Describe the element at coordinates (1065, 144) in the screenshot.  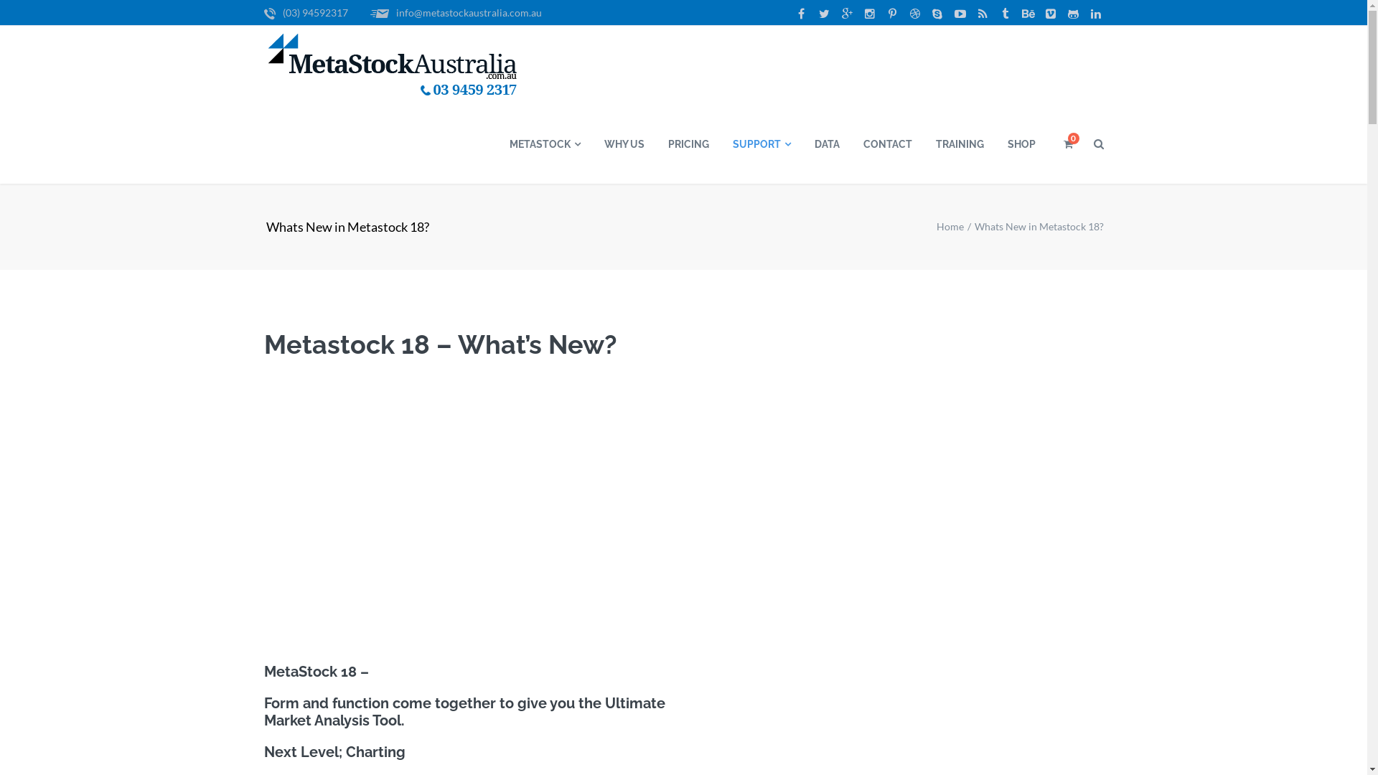
I see `'0'` at that location.